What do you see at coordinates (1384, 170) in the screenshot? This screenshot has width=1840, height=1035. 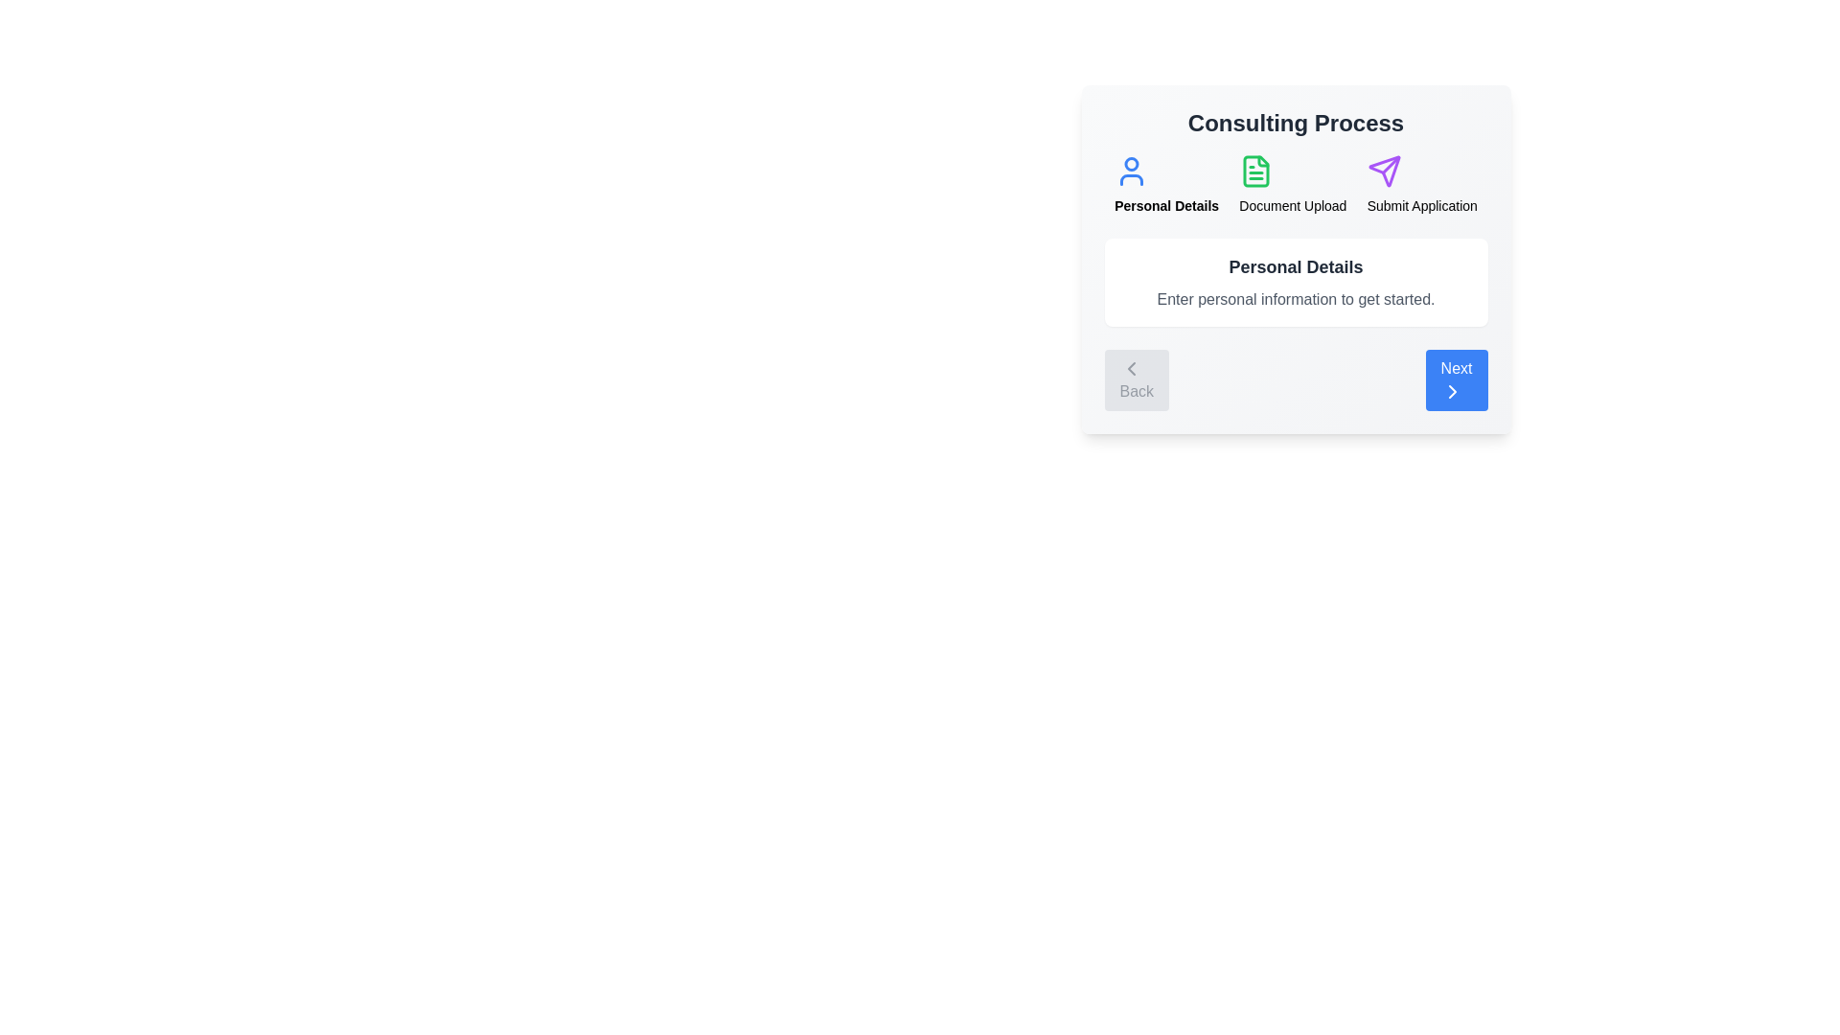 I see `the step Submit Application by clicking its icon` at bounding box center [1384, 170].